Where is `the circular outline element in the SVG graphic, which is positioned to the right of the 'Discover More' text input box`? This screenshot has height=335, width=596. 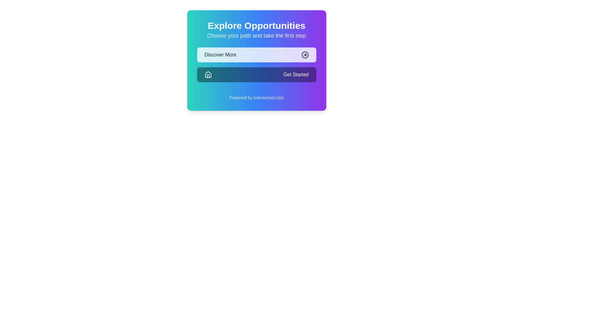 the circular outline element in the SVG graphic, which is positioned to the right of the 'Discover More' text input box is located at coordinates (305, 55).